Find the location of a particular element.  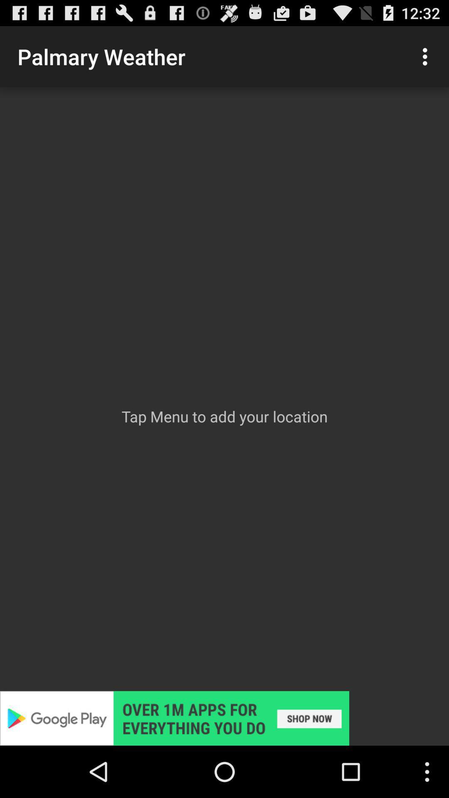

display advertisement is located at coordinates (224, 718).